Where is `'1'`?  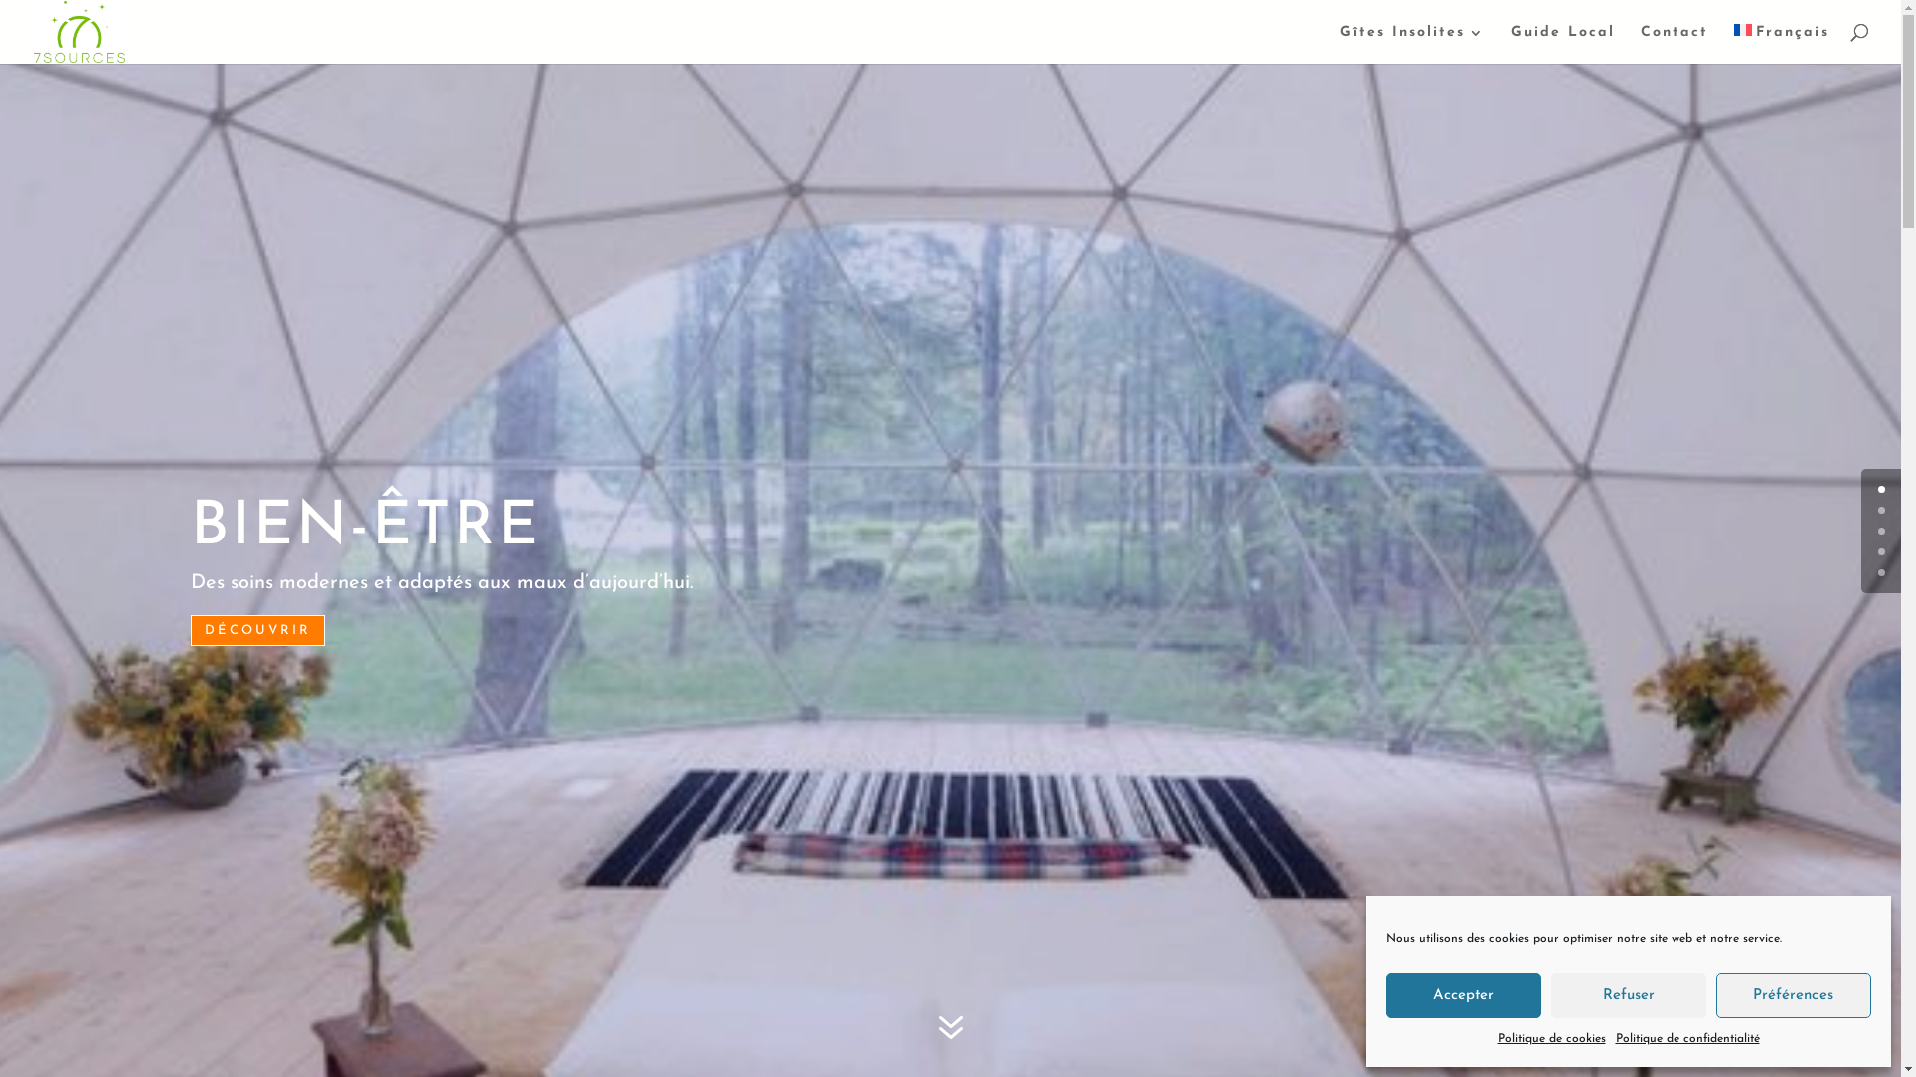 '1' is located at coordinates (1876, 509).